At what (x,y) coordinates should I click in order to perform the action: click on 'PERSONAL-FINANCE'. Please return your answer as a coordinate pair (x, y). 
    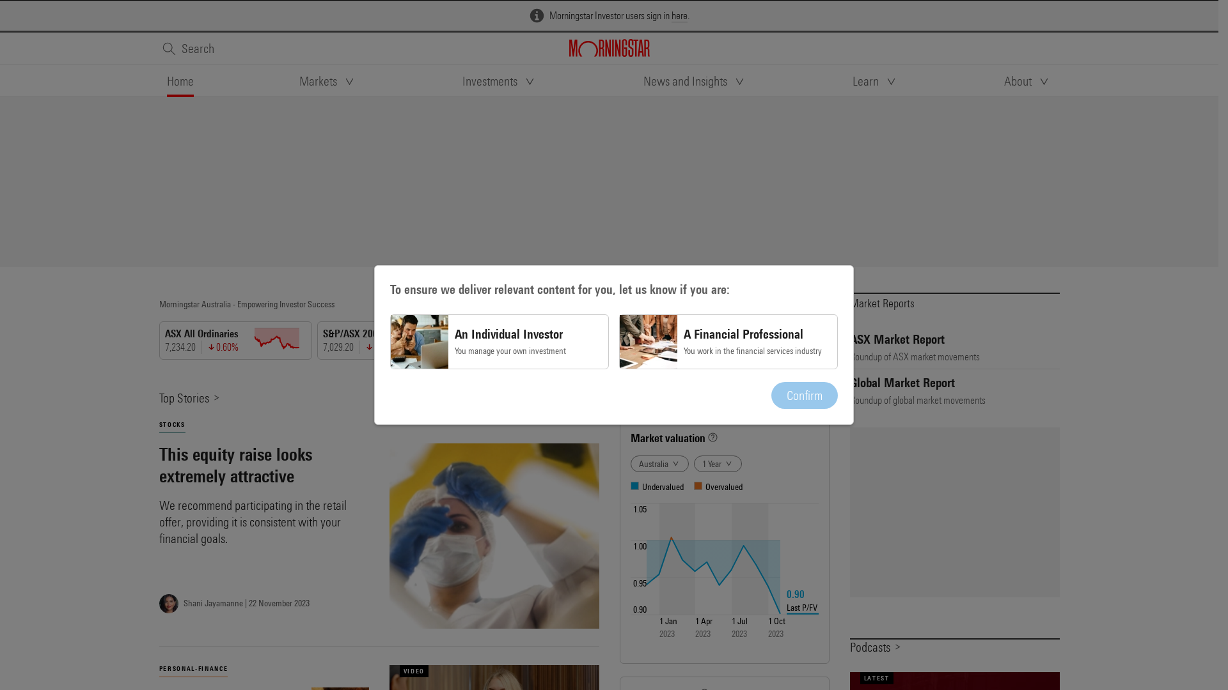
    Looking at the image, I should click on (158, 668).